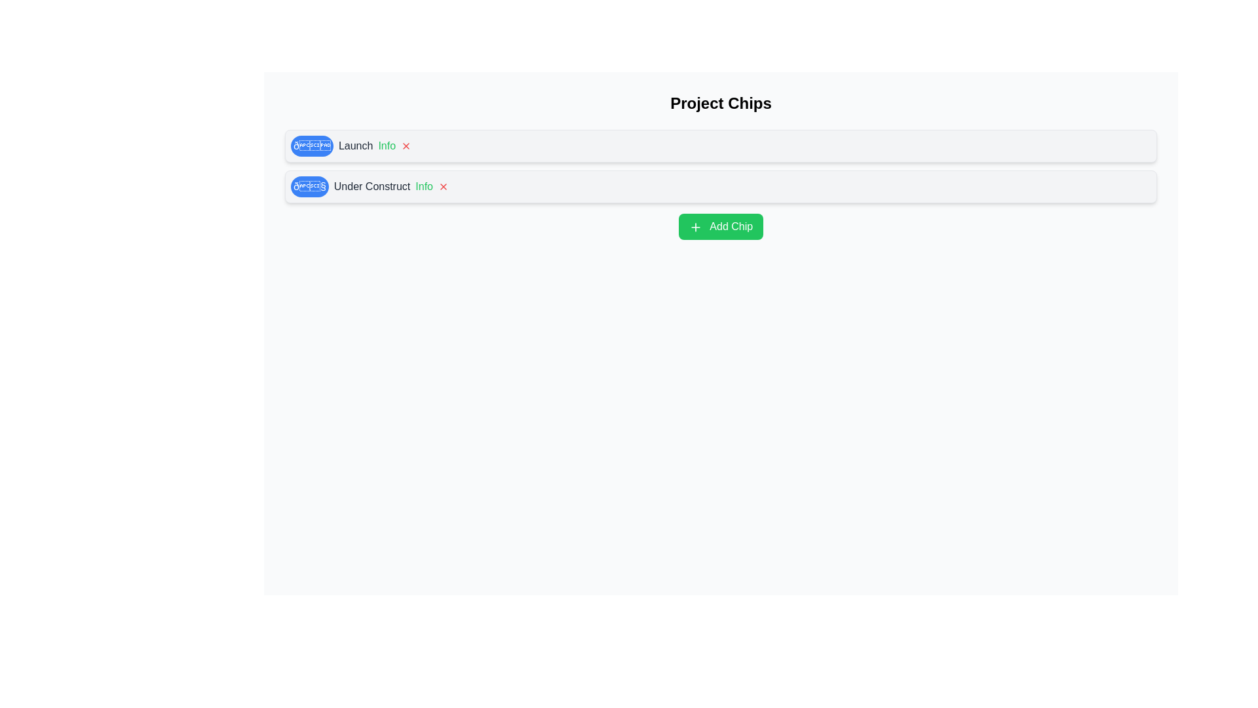 This screenshot has width=1258, height=708. I want to click on 'Add Chip' button to add a new chip, so click(719, 226).